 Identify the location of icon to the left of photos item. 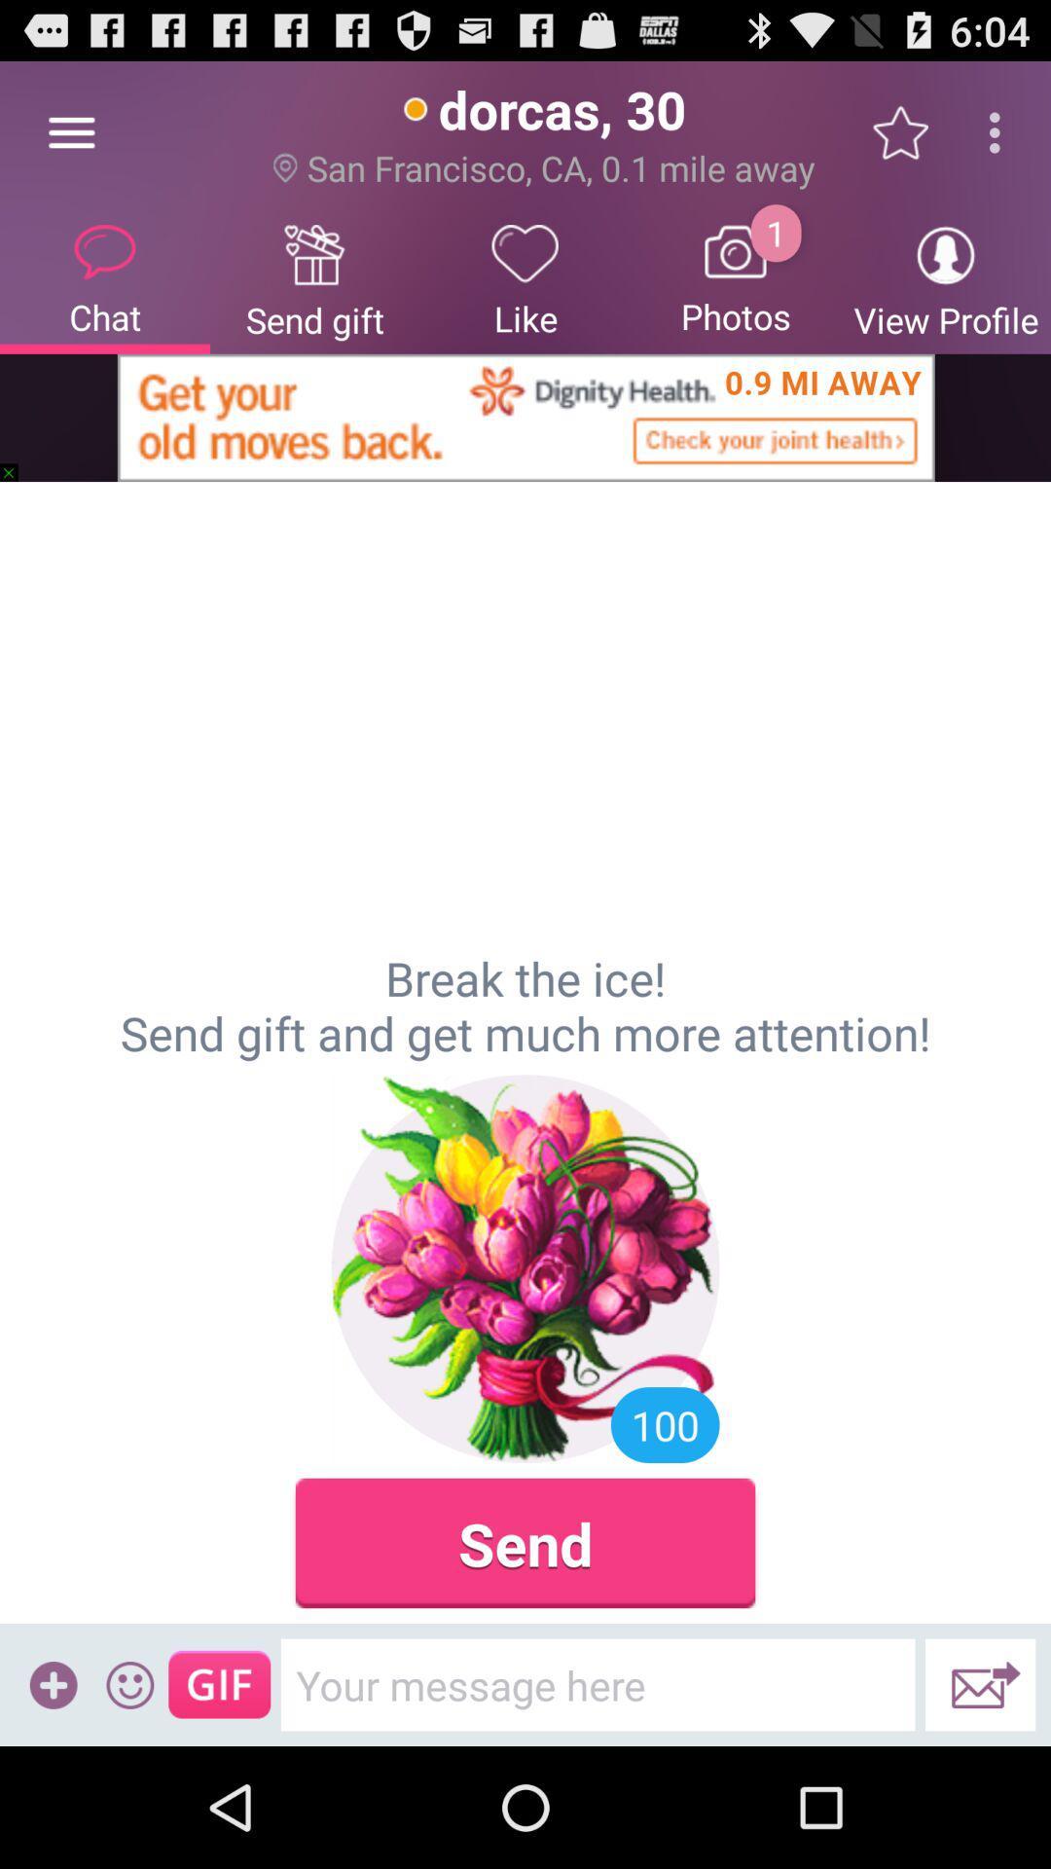
(525, 277).